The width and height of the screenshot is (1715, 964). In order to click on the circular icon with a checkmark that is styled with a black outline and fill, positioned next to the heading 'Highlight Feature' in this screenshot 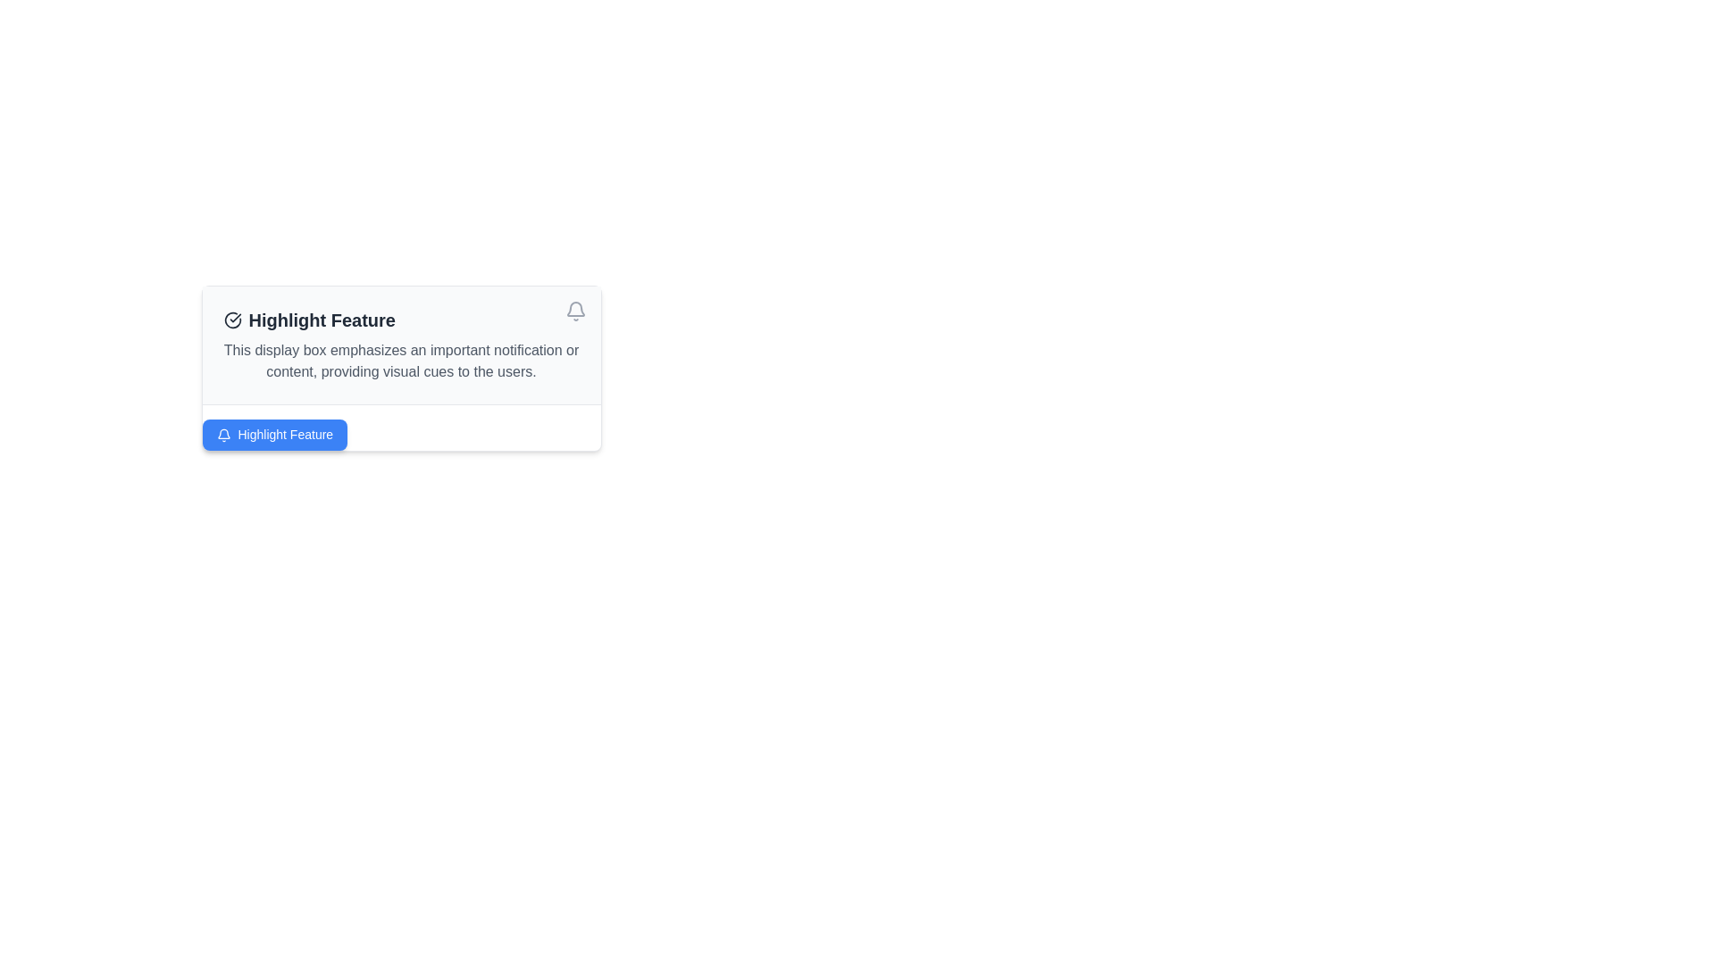, I will do `click(231, 319)`.